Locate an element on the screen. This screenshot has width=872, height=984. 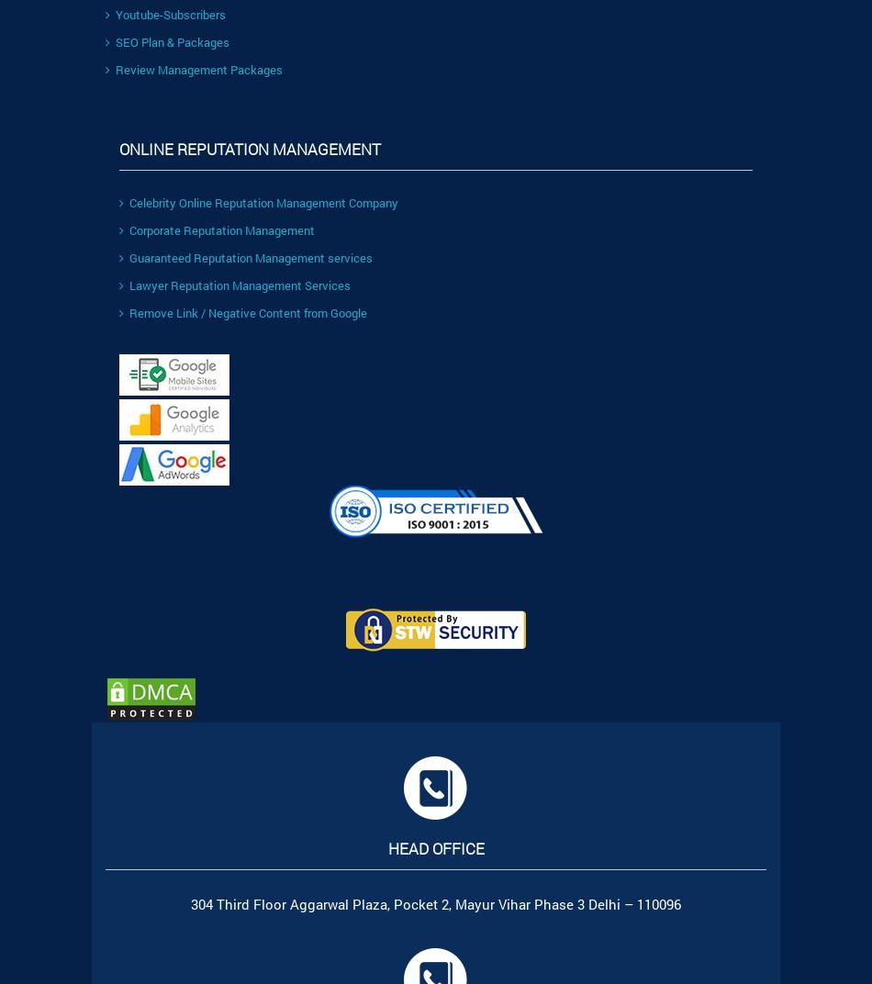
'304 Third Floor Aggarwal Plaza, Pocket 2, Mayur Vihar Phase 3 Delhi – 110096' is located at coordinates (436, 902).